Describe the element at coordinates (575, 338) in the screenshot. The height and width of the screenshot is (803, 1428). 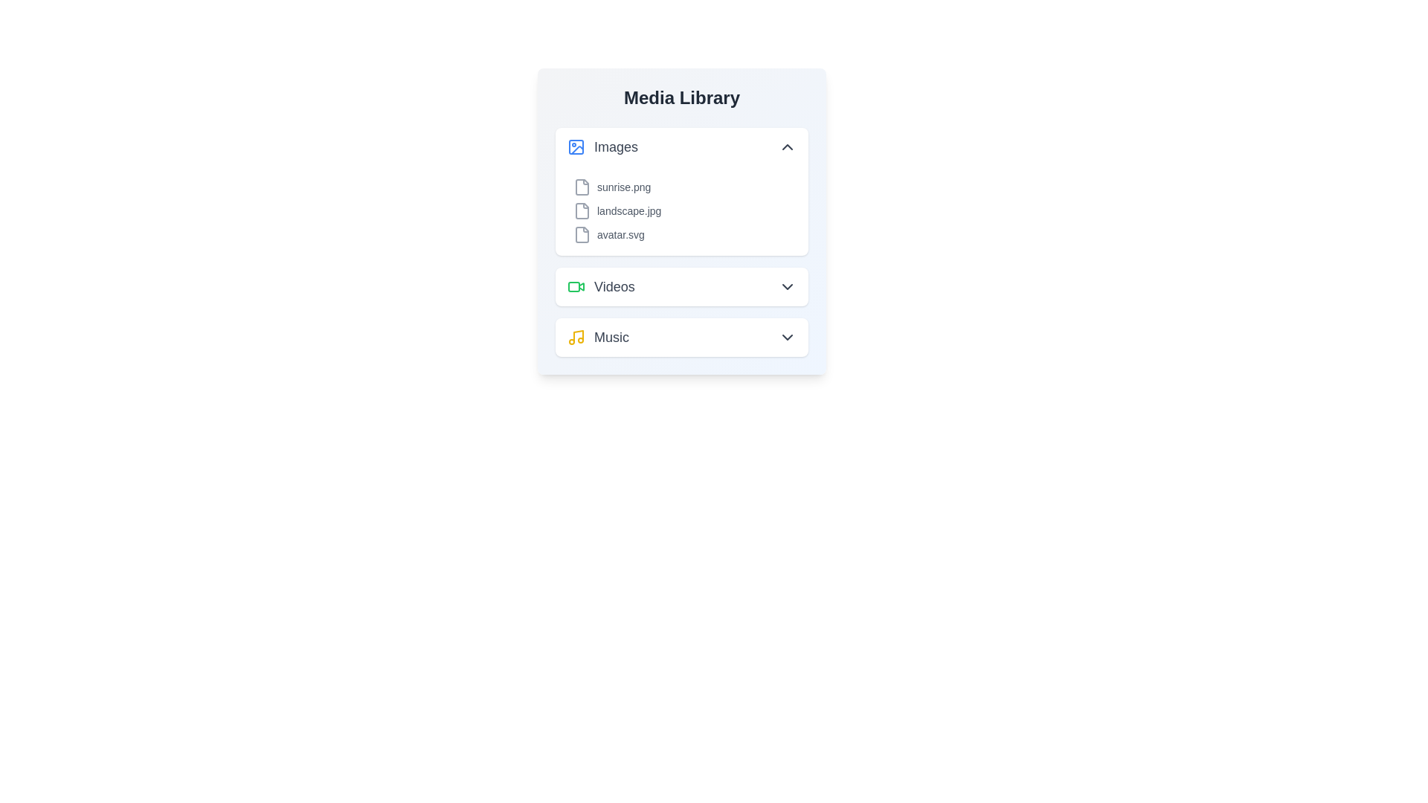
I see `the small yellow music note icon located to the left of the text element 'Music'` at that location.